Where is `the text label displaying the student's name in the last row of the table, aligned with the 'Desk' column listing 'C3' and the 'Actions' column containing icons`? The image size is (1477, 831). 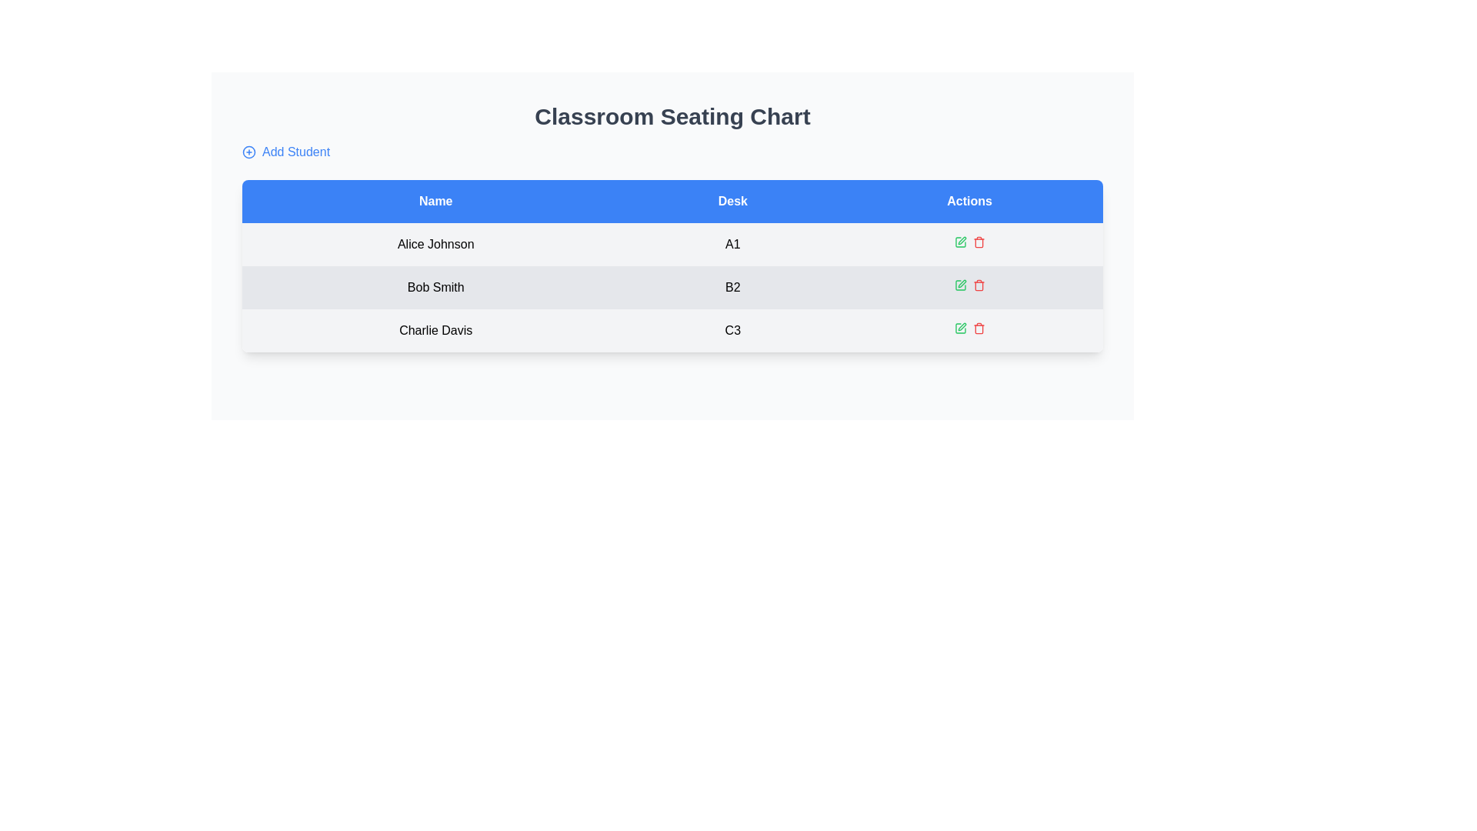
the text label displaying the student's name in the last row of the table, aligned with the 'Desk' column listing 'C3' and the 'Actions' column containing icons is located at coordinates (435, 329).